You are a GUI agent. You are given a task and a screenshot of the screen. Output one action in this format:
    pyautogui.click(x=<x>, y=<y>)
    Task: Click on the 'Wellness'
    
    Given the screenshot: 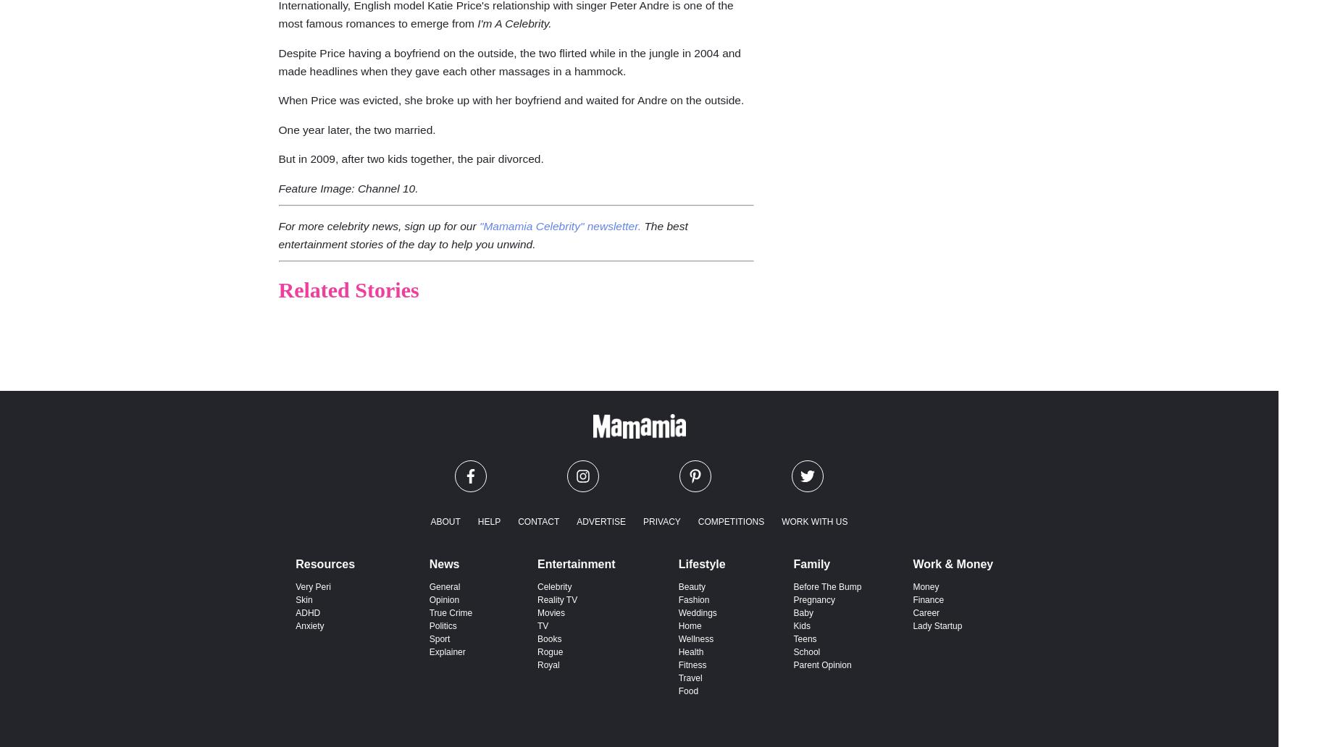 What is the action you would take?
    pyautogui.click(x=695, y=638)
    